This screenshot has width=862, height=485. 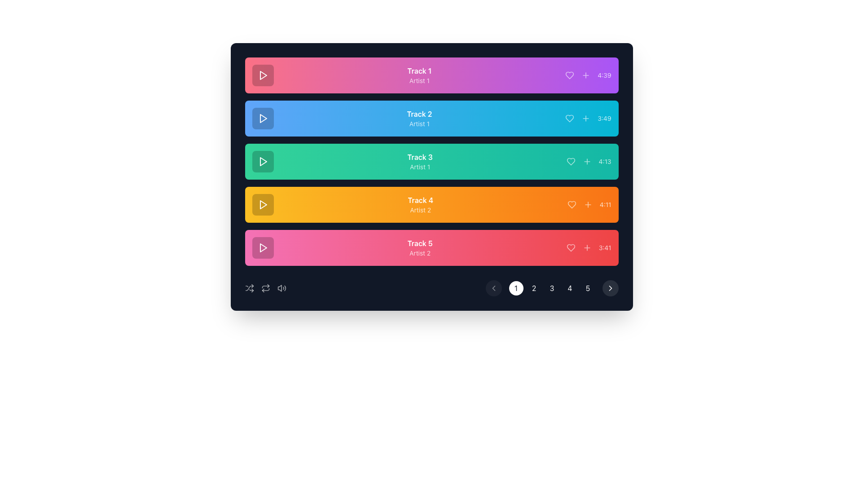 I want to click on the first list item in the playlist interface, which features a pink-to-purple gradient background, displaying 'Track 1' and 'Artist 1', along with play, heart, and plus icons, so click(x=431, y=75).